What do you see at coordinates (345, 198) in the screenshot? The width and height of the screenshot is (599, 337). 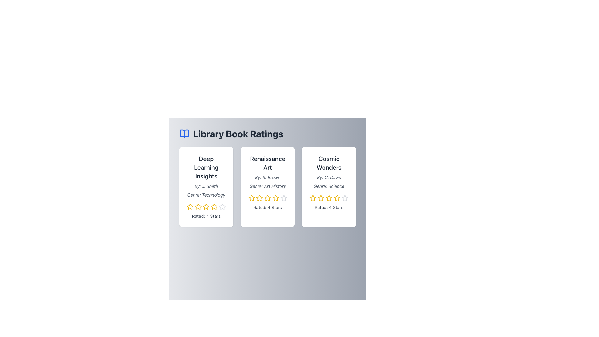 I see `the last star icon in the rating system of the 'Cosmic Wonders' card` at bounding box center [345, 198].